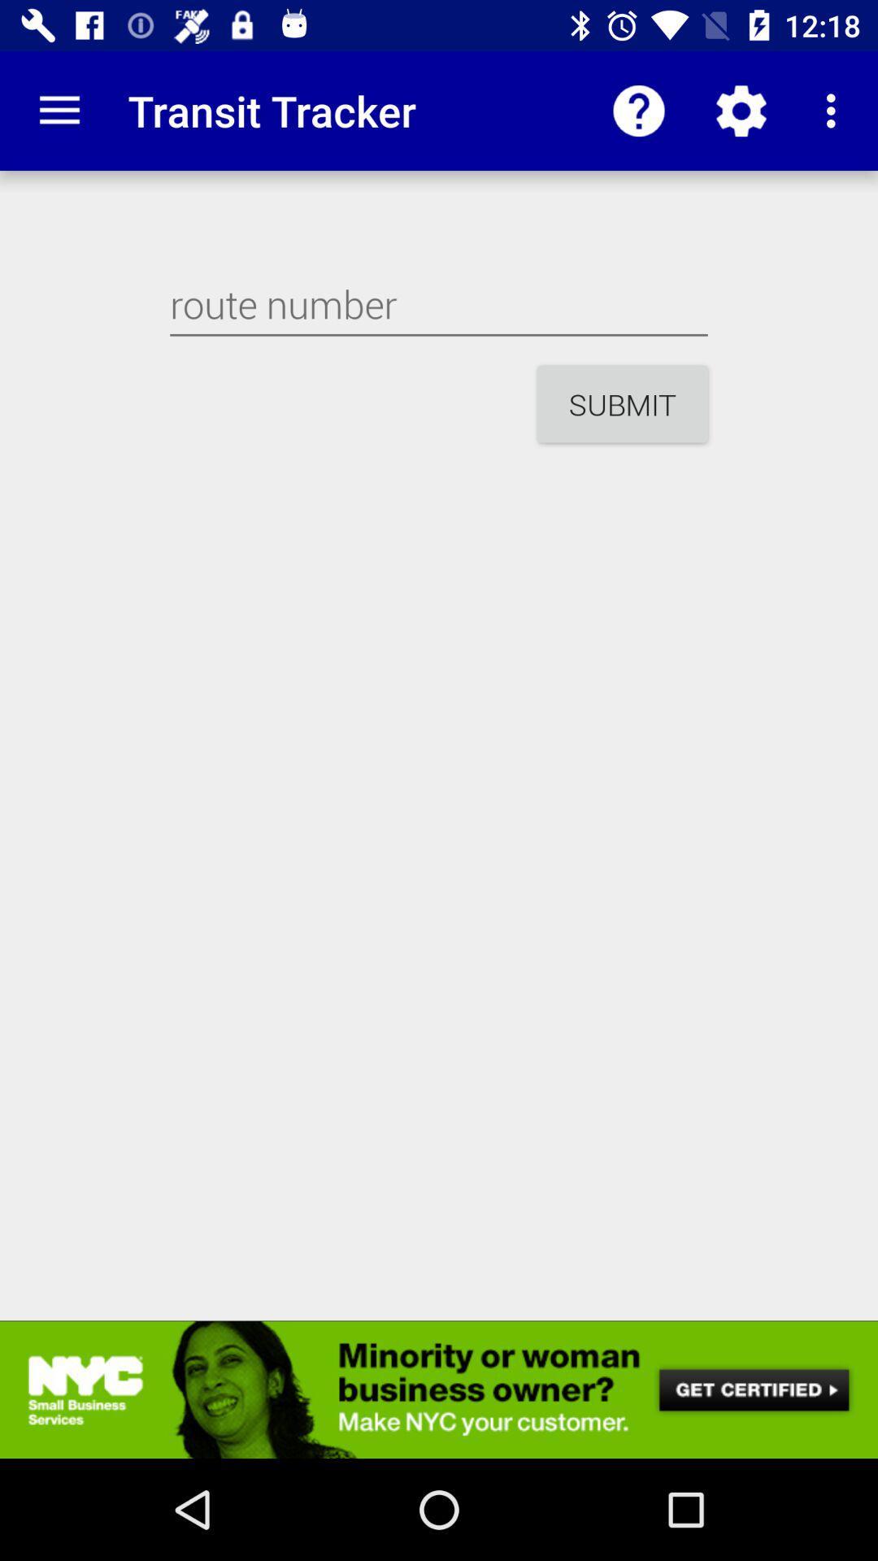 The width and height of the screenshot is (878, 1561). I want to click on routenumber, so click(439, 304).